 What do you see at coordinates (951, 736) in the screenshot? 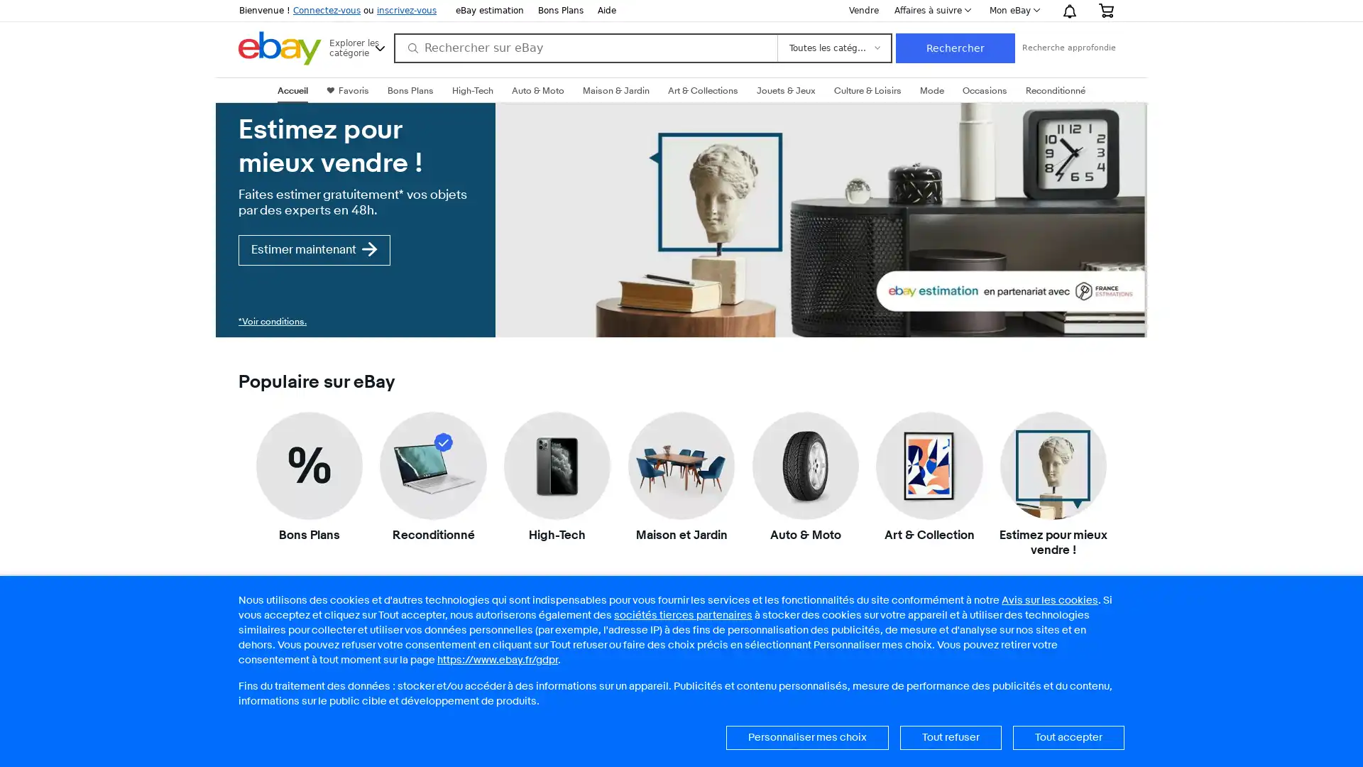
I see `Refuser les conditions et les parametres de confidentialite` at bounding box center [951, 736].